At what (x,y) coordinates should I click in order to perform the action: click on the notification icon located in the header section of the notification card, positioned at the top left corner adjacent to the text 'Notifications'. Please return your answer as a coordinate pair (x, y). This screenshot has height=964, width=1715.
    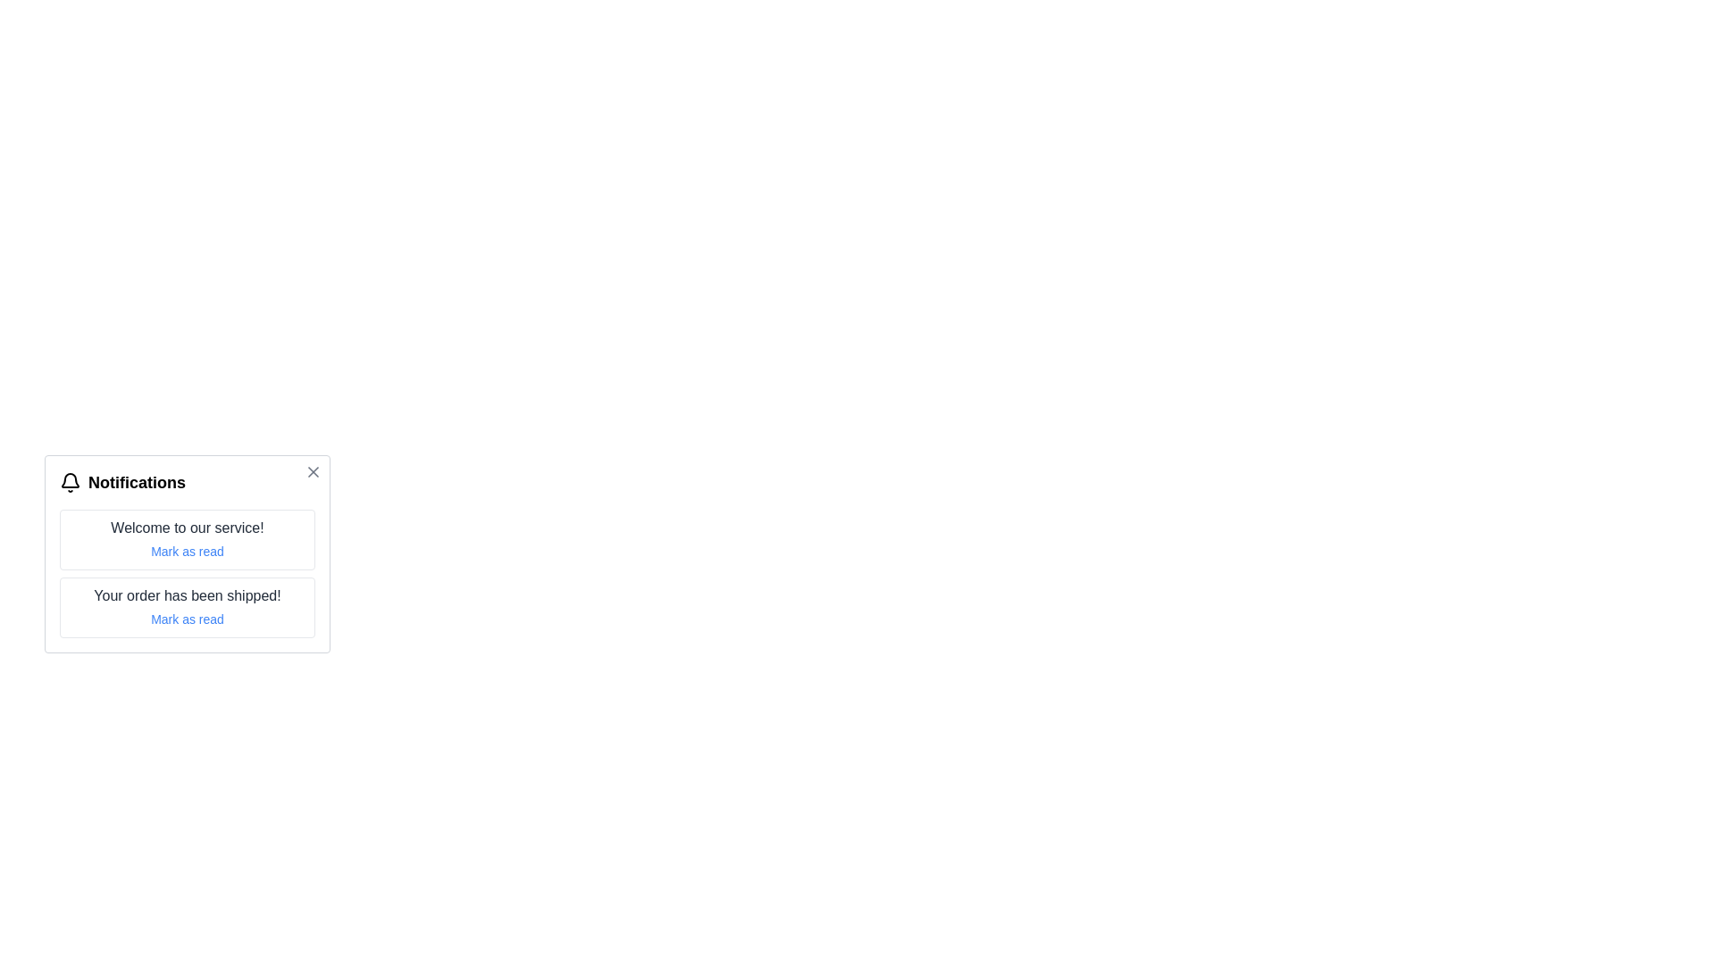
    Looking at the image, I should click on (70, 482).